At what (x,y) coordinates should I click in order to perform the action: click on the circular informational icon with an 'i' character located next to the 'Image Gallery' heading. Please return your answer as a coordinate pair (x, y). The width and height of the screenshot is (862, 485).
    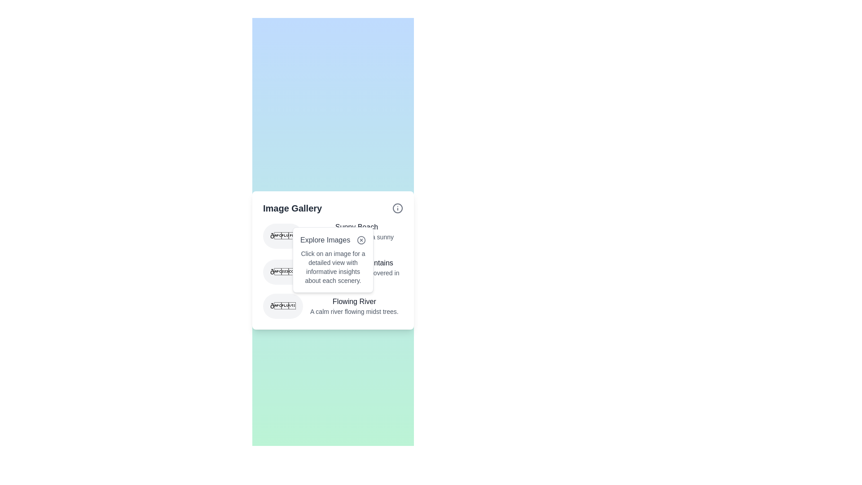
    Looking at the image, I should click on (397, 208).